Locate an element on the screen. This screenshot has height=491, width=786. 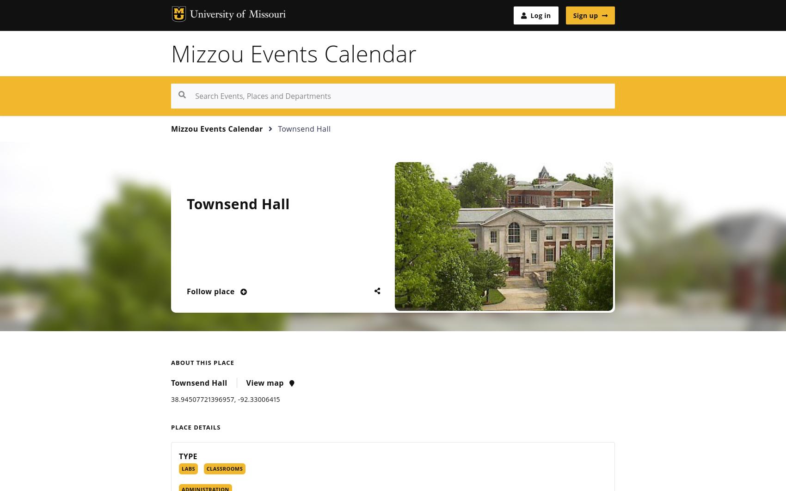
'Type' is located at coordinates (178, 455).